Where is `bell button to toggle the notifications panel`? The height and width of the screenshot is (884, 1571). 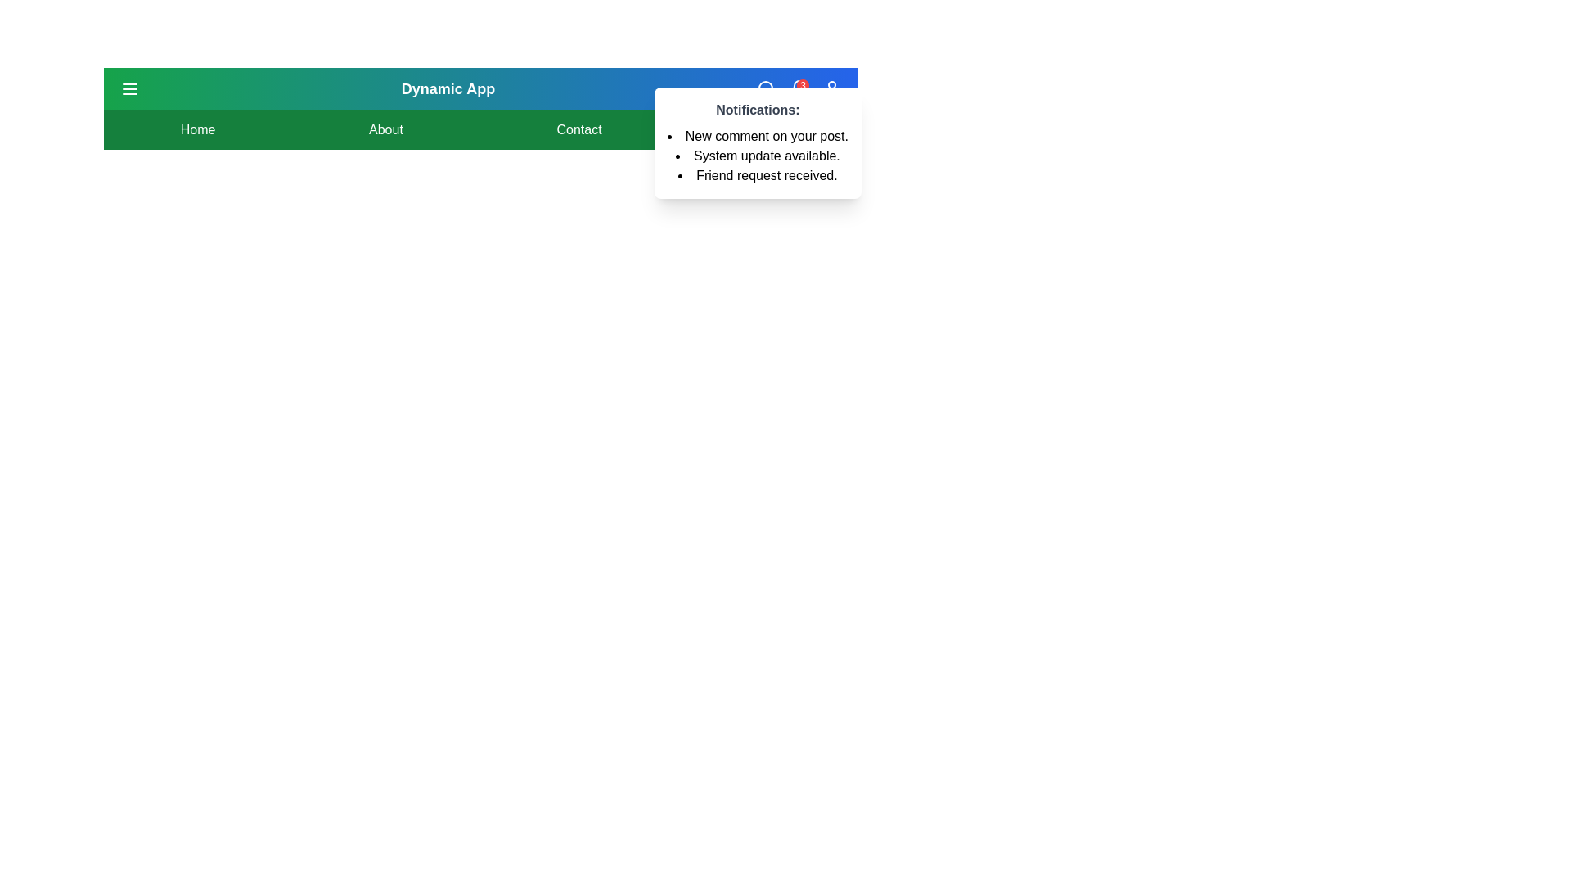 bell button to toggle the notifications panel is located at coordinates (799, 88).